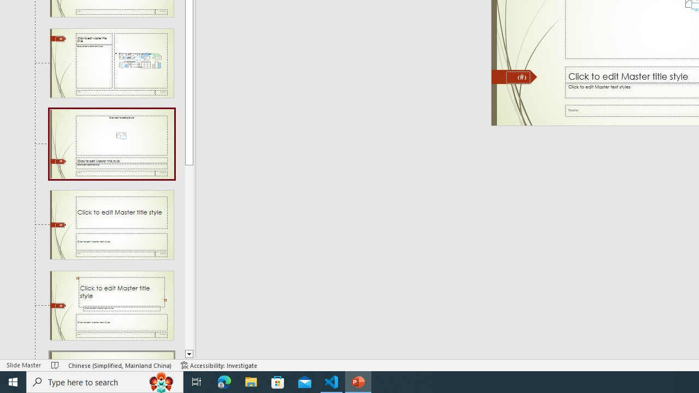 Image resolution: width=699 pixels, height=393 pixels. Describe the element at coordinates (518, 76) in the screenshot. I see `'Slide Number'` at that location.